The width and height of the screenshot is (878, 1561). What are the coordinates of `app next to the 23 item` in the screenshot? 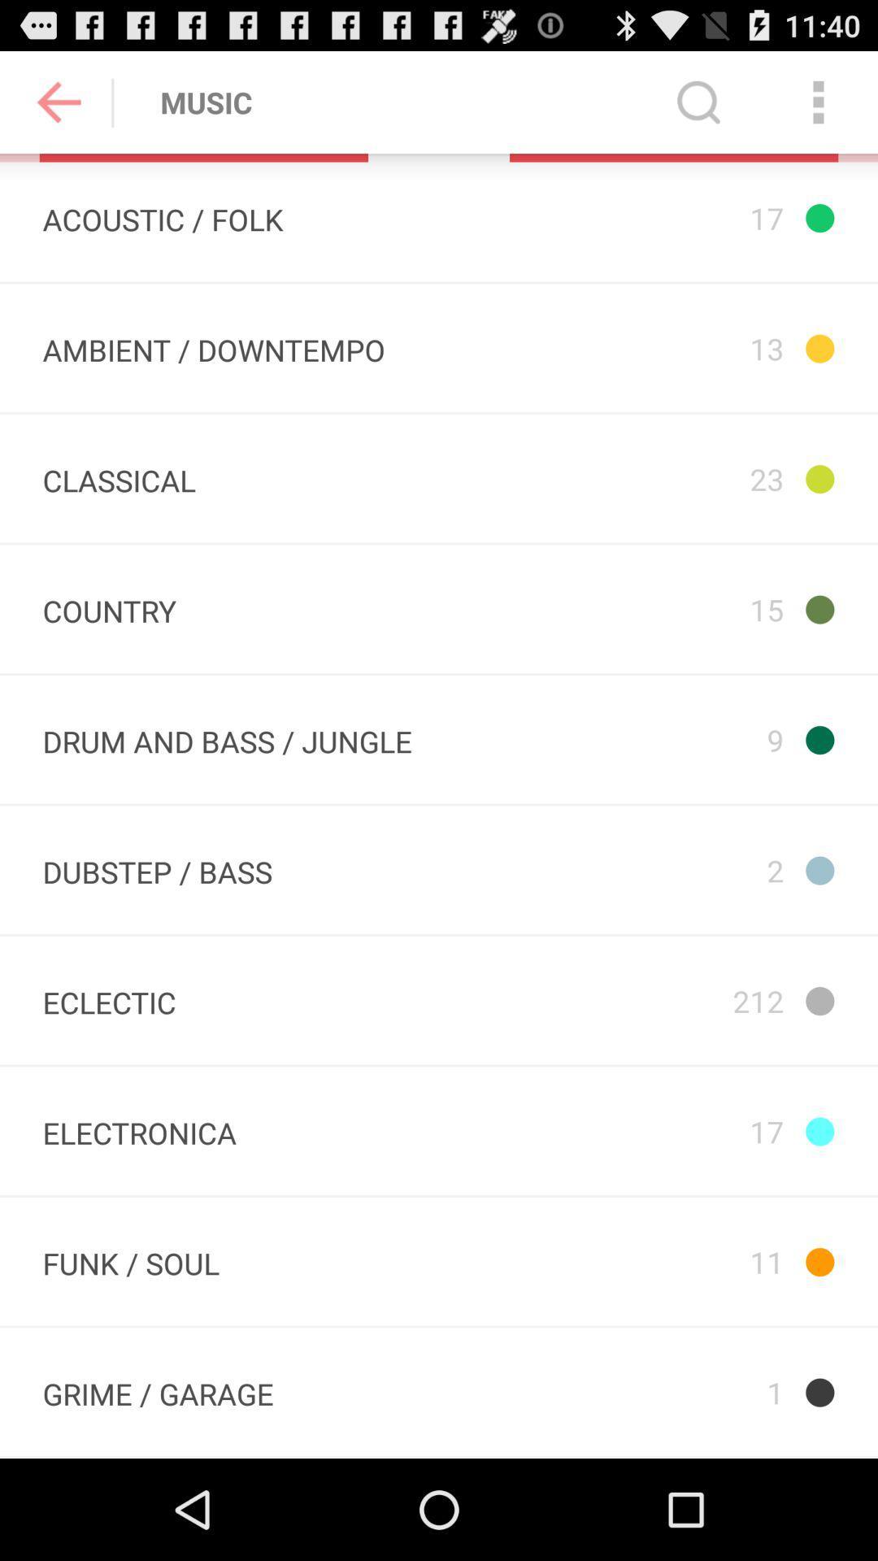 It's located at (213, 347).